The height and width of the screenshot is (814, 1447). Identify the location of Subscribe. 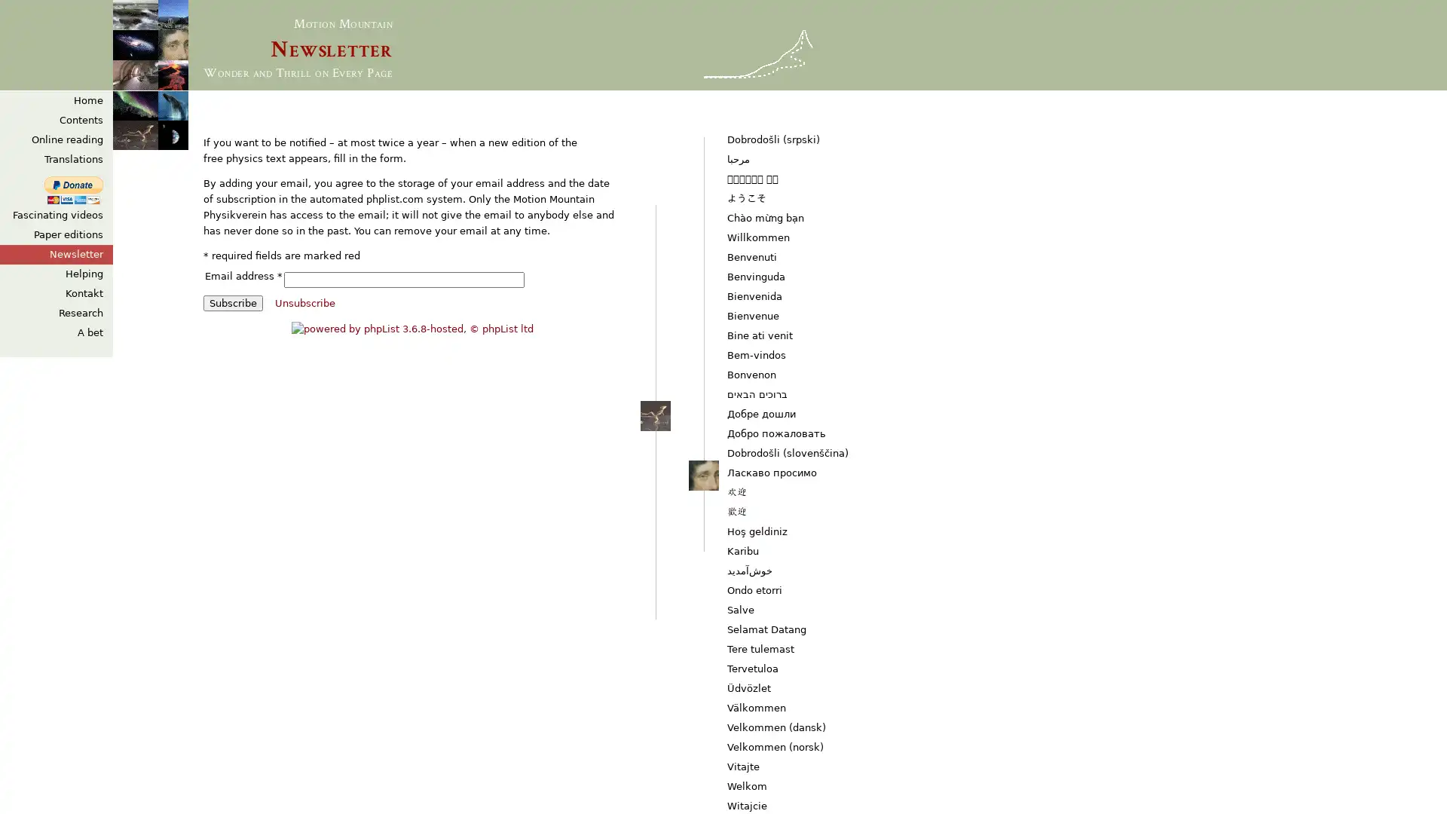
(232, 302).